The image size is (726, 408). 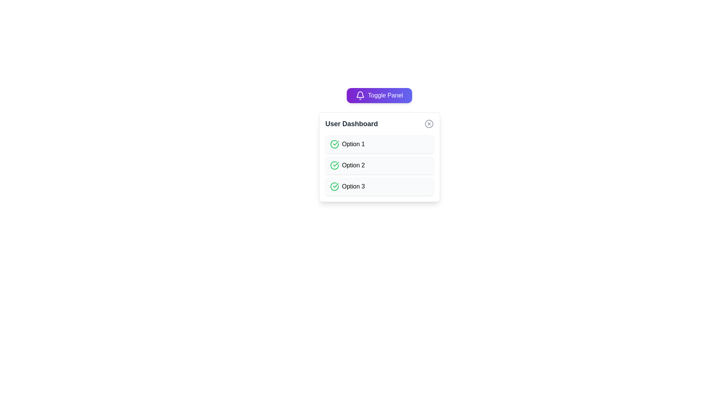 I want to click on the toggle button located centrally above the 'User Dashboard' section, so click(x=379, y=95).